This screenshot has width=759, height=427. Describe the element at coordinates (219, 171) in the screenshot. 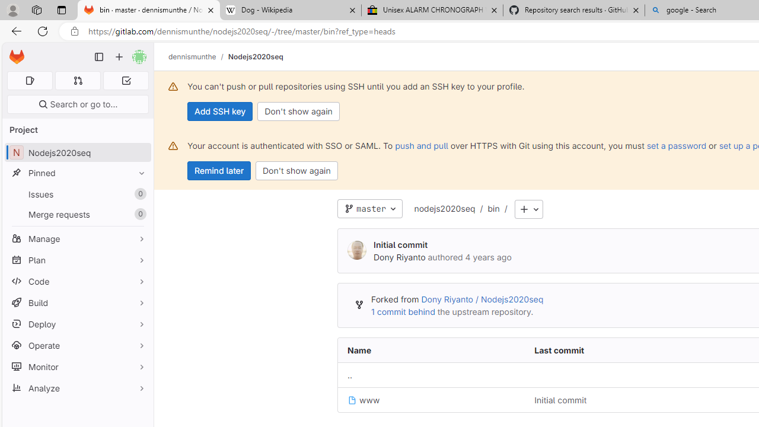

I see `'Remind later'` at that location.